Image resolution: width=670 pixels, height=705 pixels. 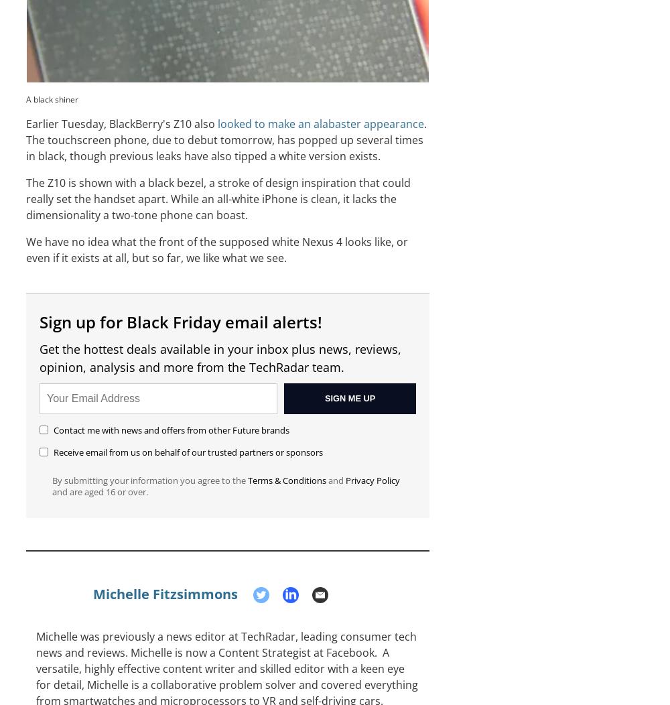 What do you see at coordinates (373, 480) in the screenshot?
I see `'Privacy Policy'` at bounding box center [373, 480].